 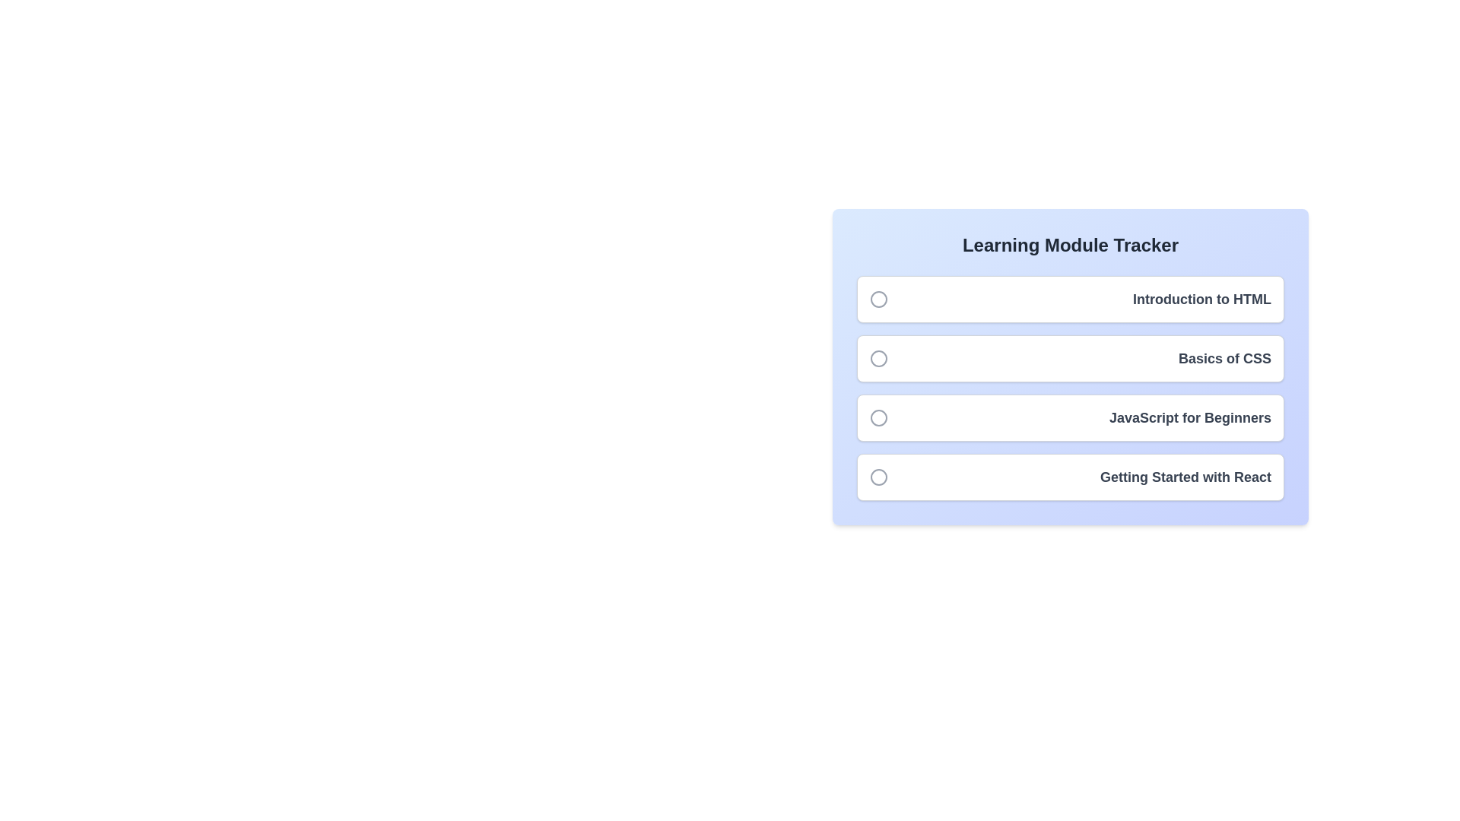 What do you see at coordinates (1185, 477) in the screenshot?
I see `the static text label that serves as a module title within the learning tracker interface, located as the last item in a vertical list and slightly indented due to a circular icon on its left` at bounding box center [1185, 477].